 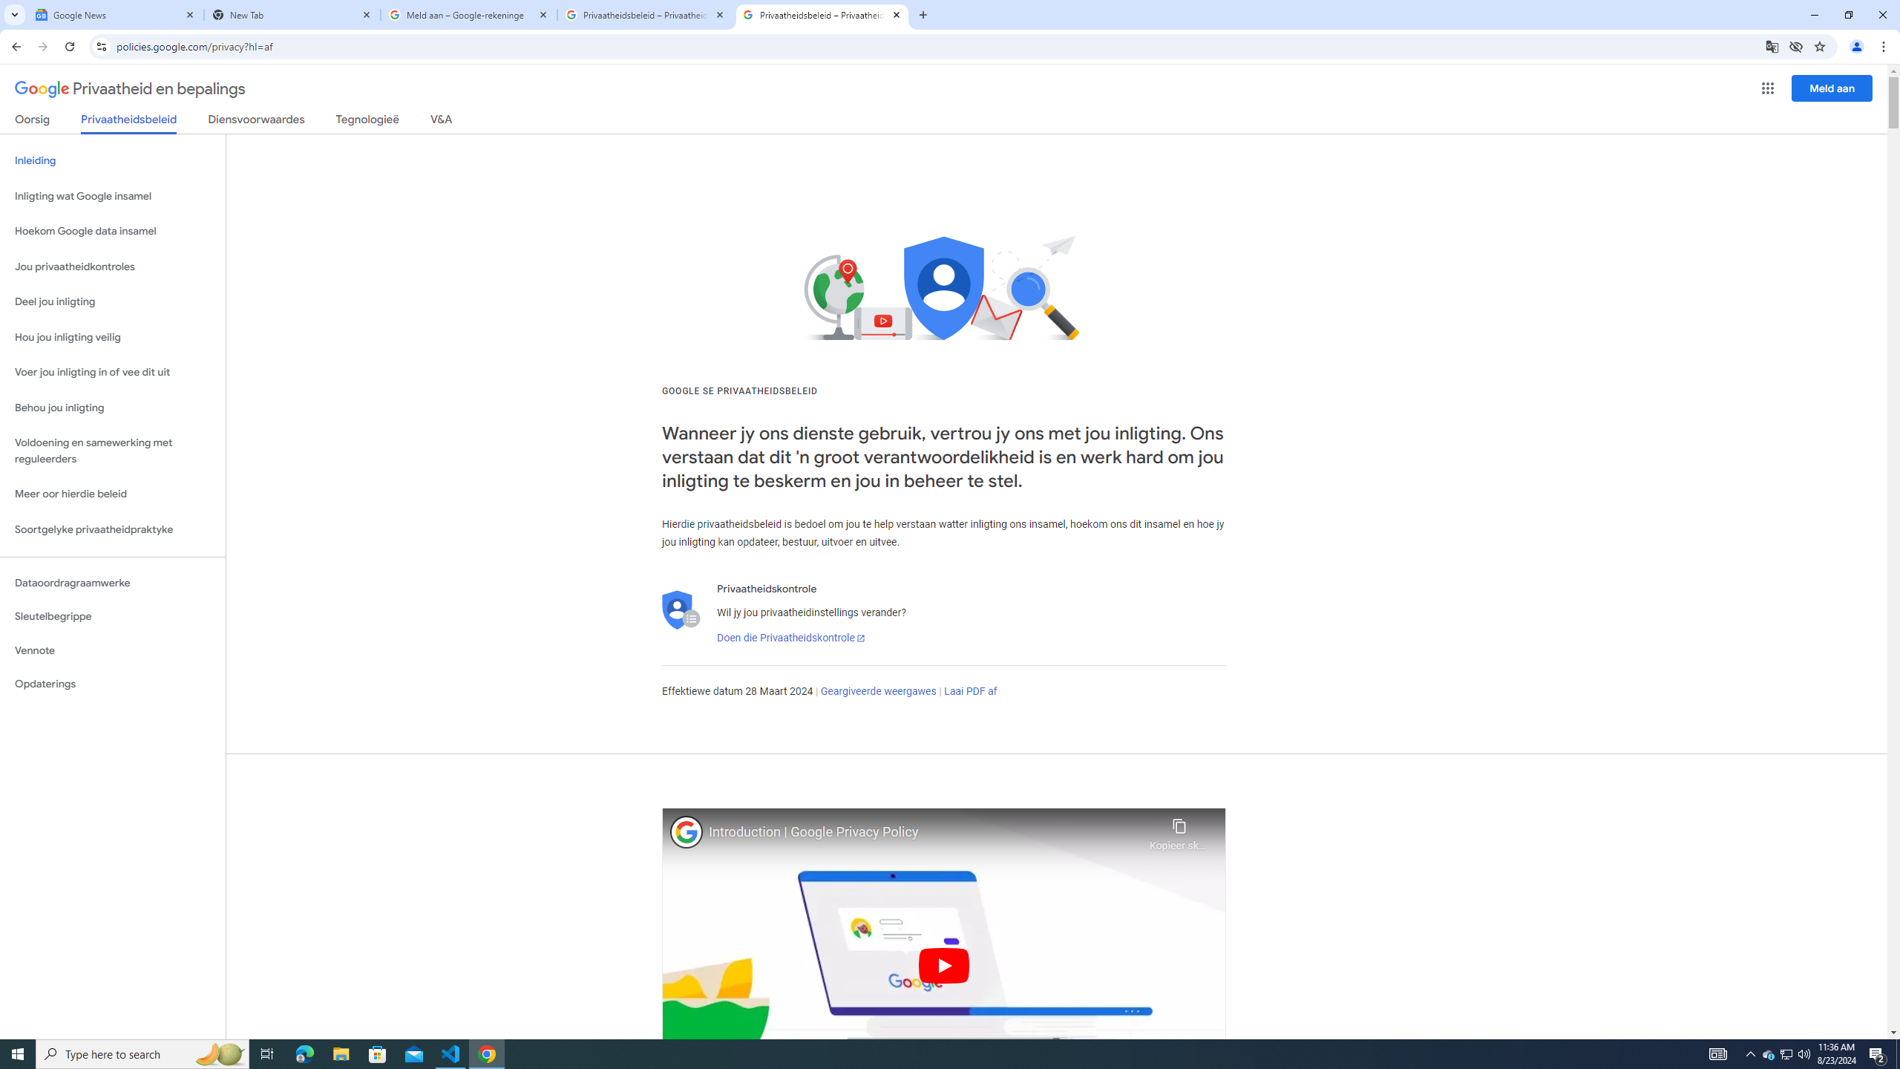 I want to click on 'Fotobeeld van Google', so click(x=687, y=831).